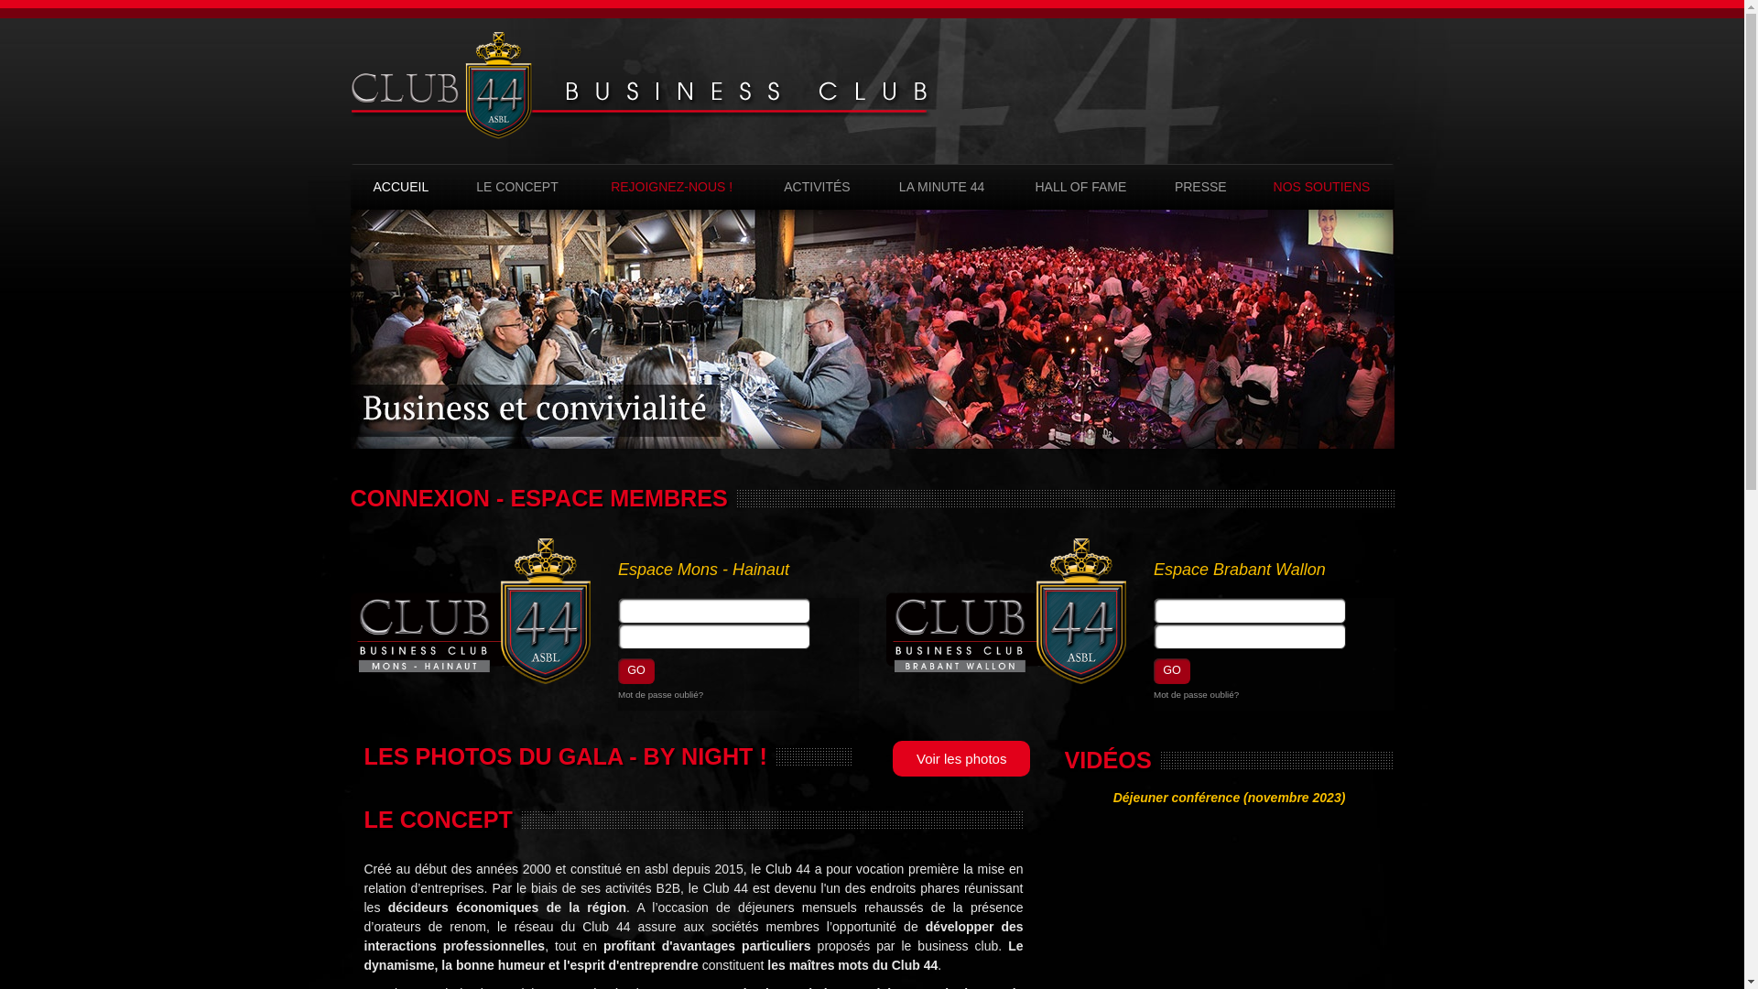 This screenshot has height=989, width=1758. What do you see at coordinates (956, 751) in the screenshot?
I see `'Voir les photos'` at bounding box center [956, 751].